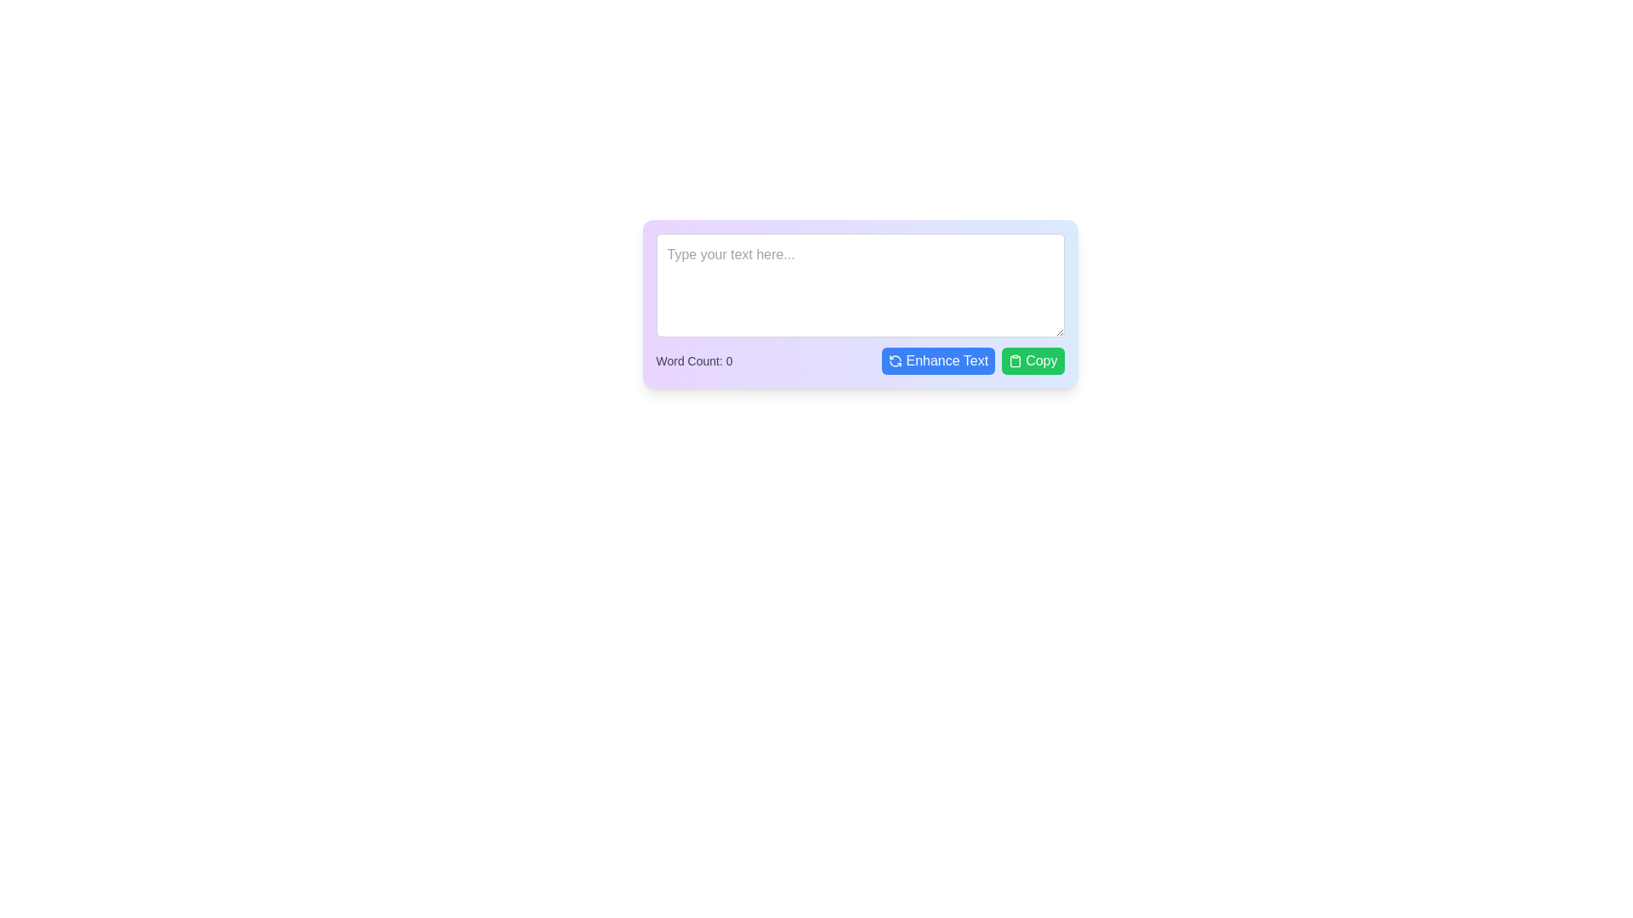 Image resolution: width=1633 pixels, height=918 pixels. I want to click on the placeholder text in the rectangular text area input field that reads 'Type your text here...', so click(860, 284).